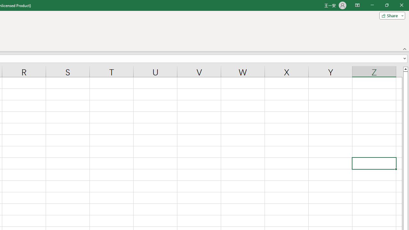 Image resolution: width=409 pixels, height=230 pixels. I want to click on 'Minimize', so click(372, 5).